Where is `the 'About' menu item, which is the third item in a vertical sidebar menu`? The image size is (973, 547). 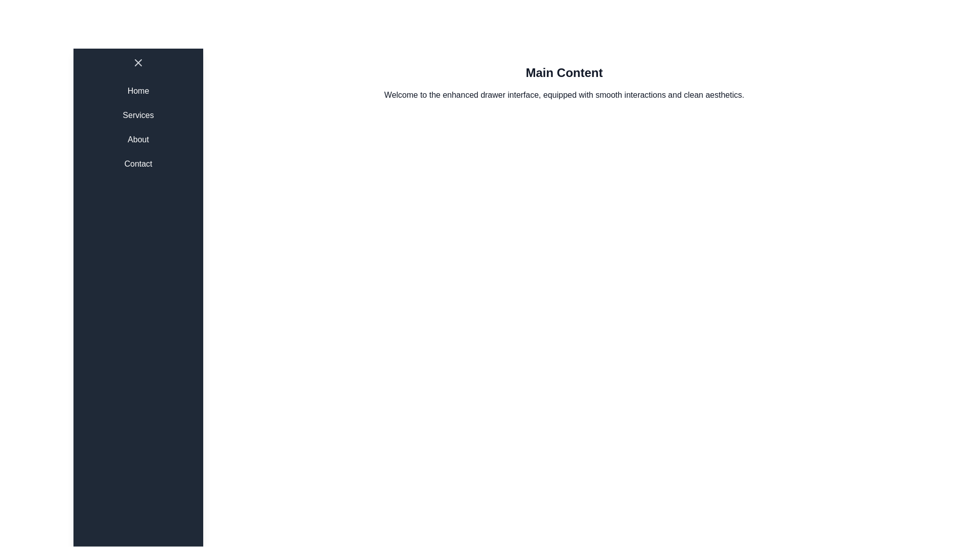 the 'About' menu item, which is the third item in a vertical sidebar menu is located at coordinates (138, 140).